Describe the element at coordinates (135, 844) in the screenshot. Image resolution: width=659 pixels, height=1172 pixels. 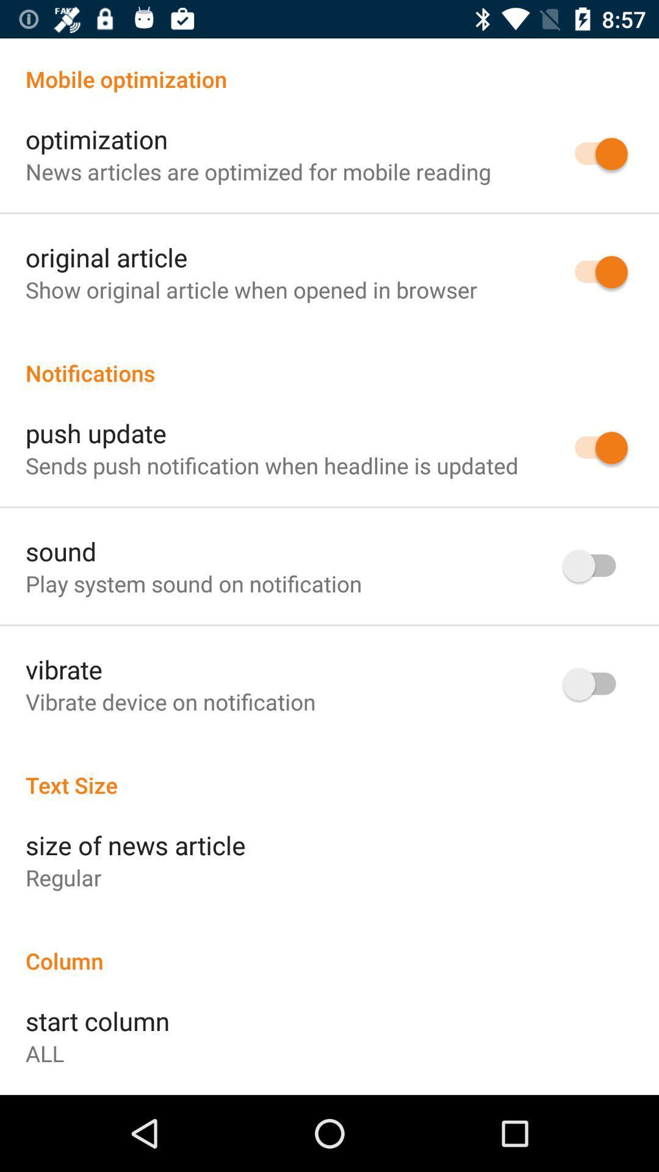
I see `size of news icon` at that location.